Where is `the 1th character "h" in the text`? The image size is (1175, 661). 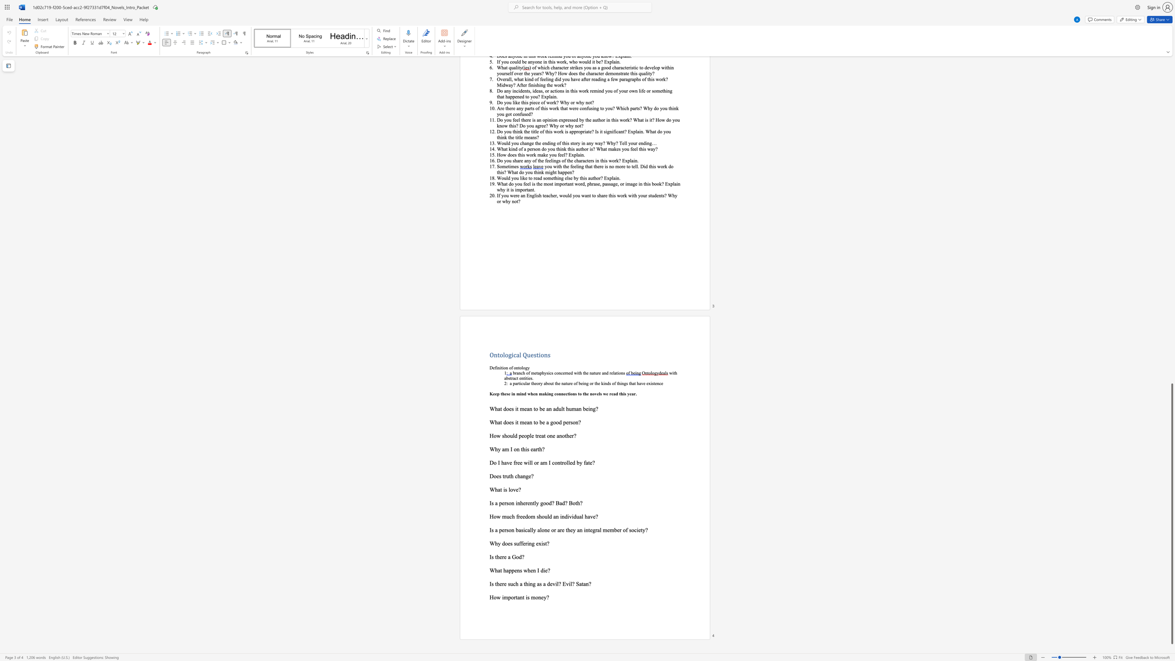 the 1th character "h" in the text is located at coordinates (496, 543).